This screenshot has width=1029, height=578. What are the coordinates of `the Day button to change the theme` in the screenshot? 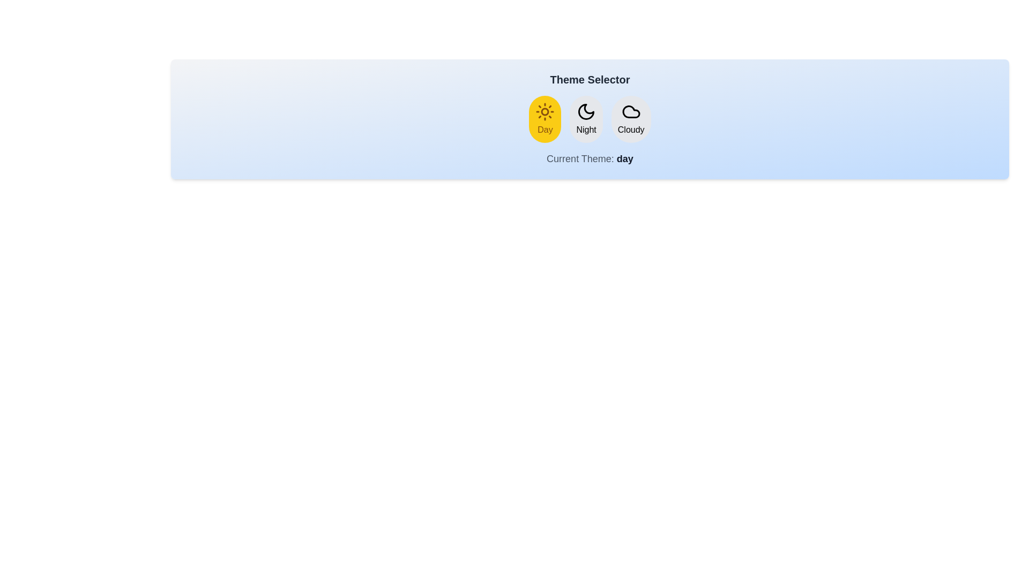 It's located at (545, 119).